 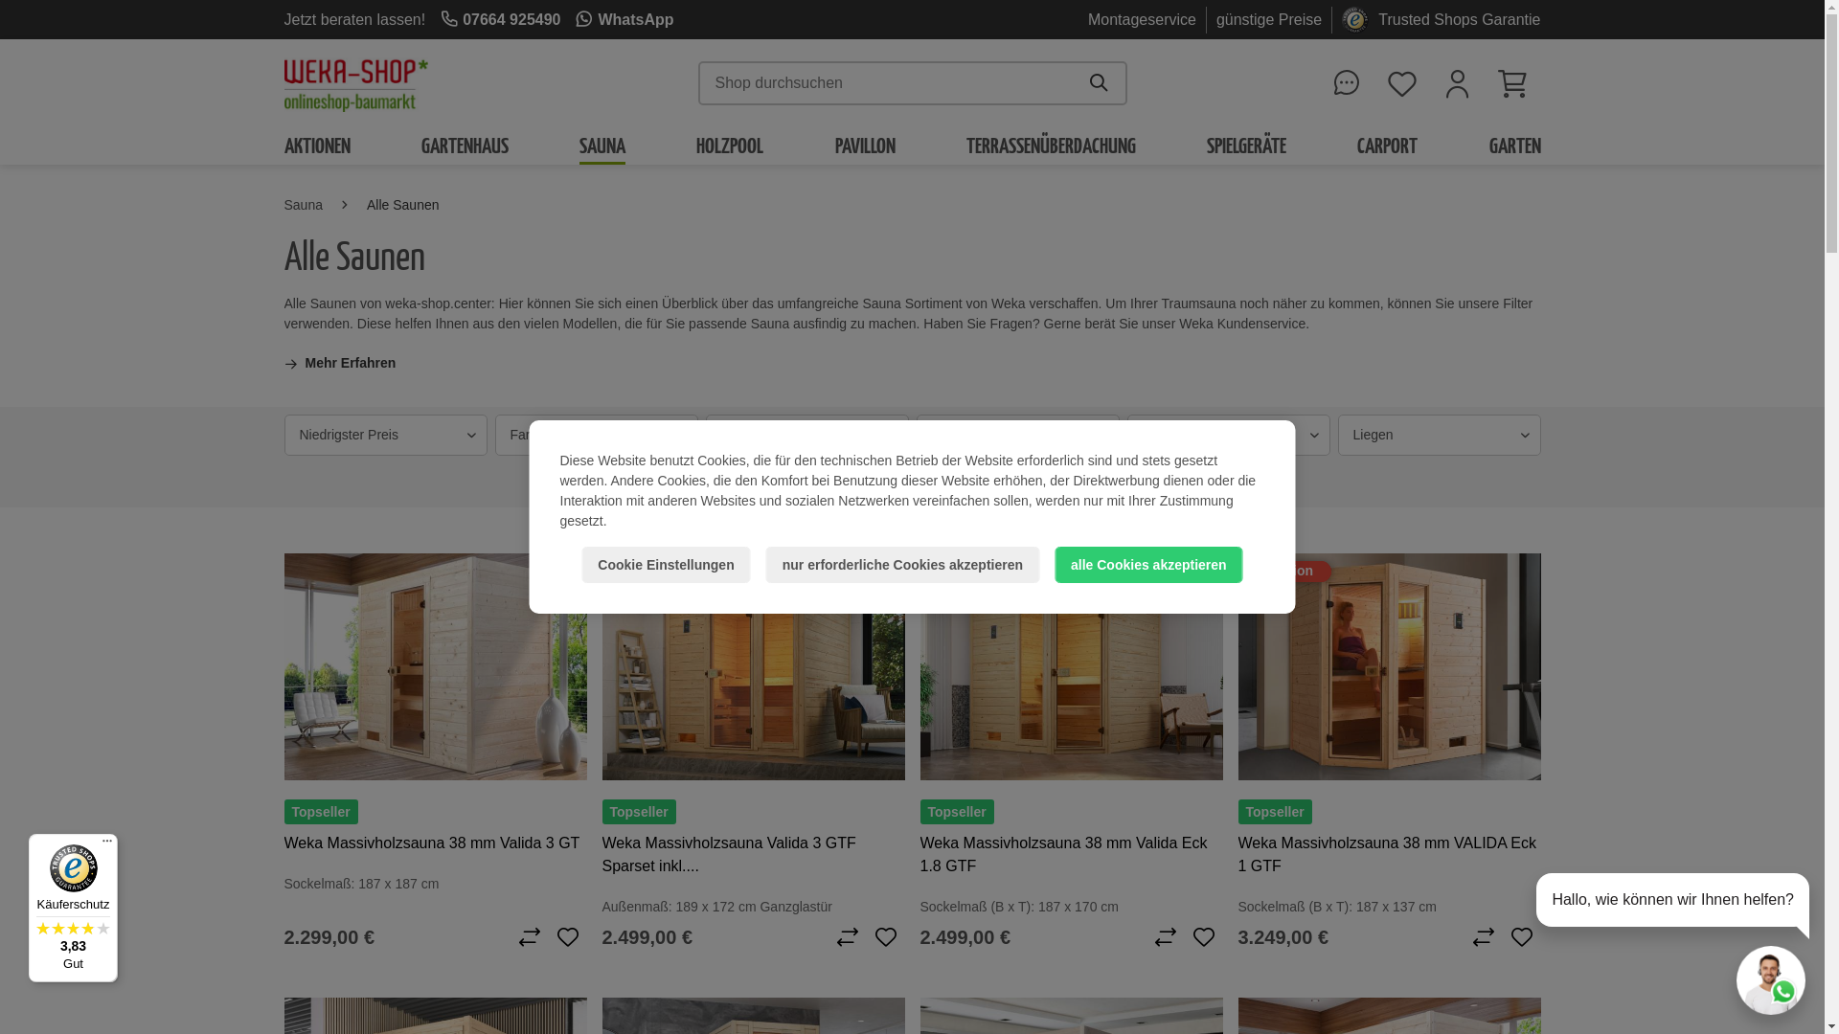 I want to click on 'WhatsApp', so click(x=624, y=18).